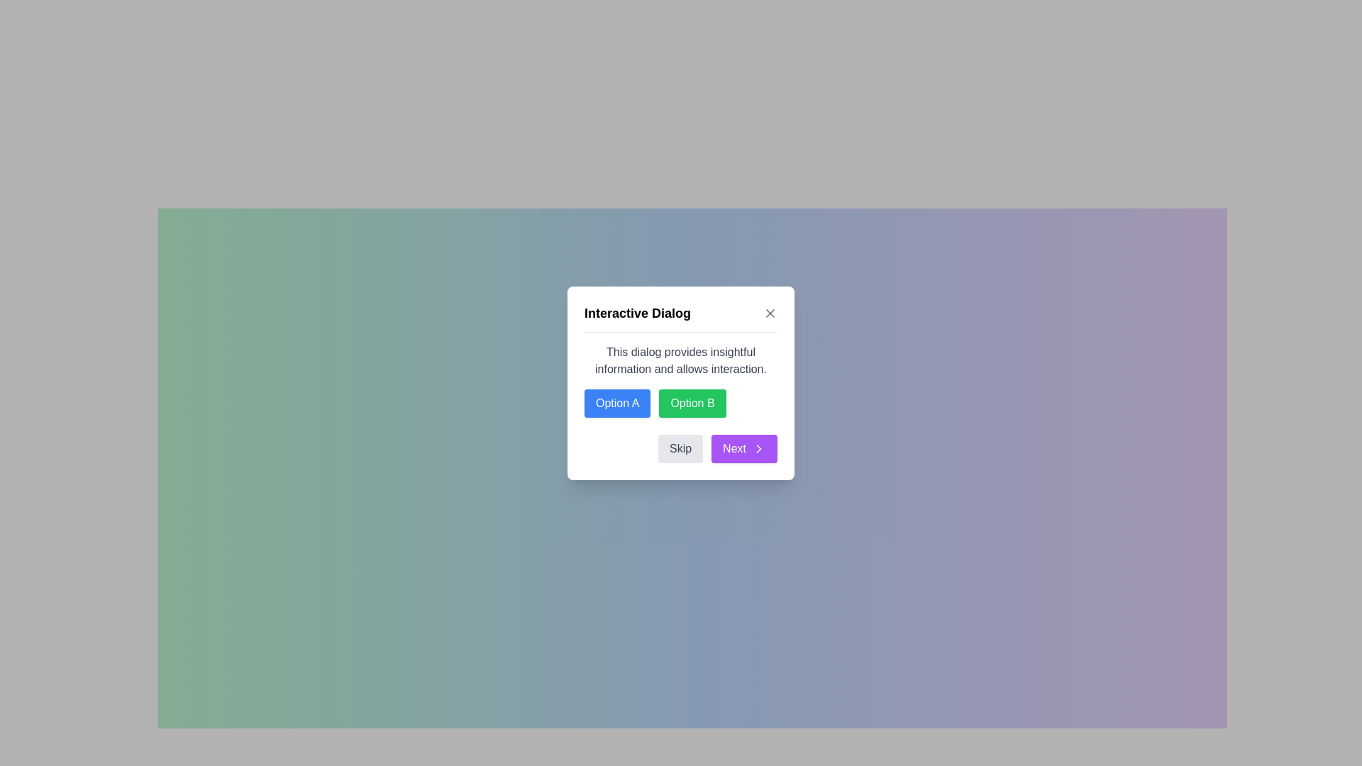  What do you see at coordinates (617, 403) in the screenshot?
I see `the blue rectangular button labeled 'Option A'` at bounding box center [617, 403].